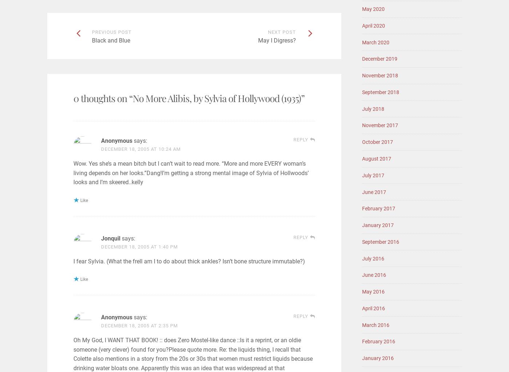 The height and width of the screenshot is (372, 509). I want to click on 'April 2020', so click(373, 25).